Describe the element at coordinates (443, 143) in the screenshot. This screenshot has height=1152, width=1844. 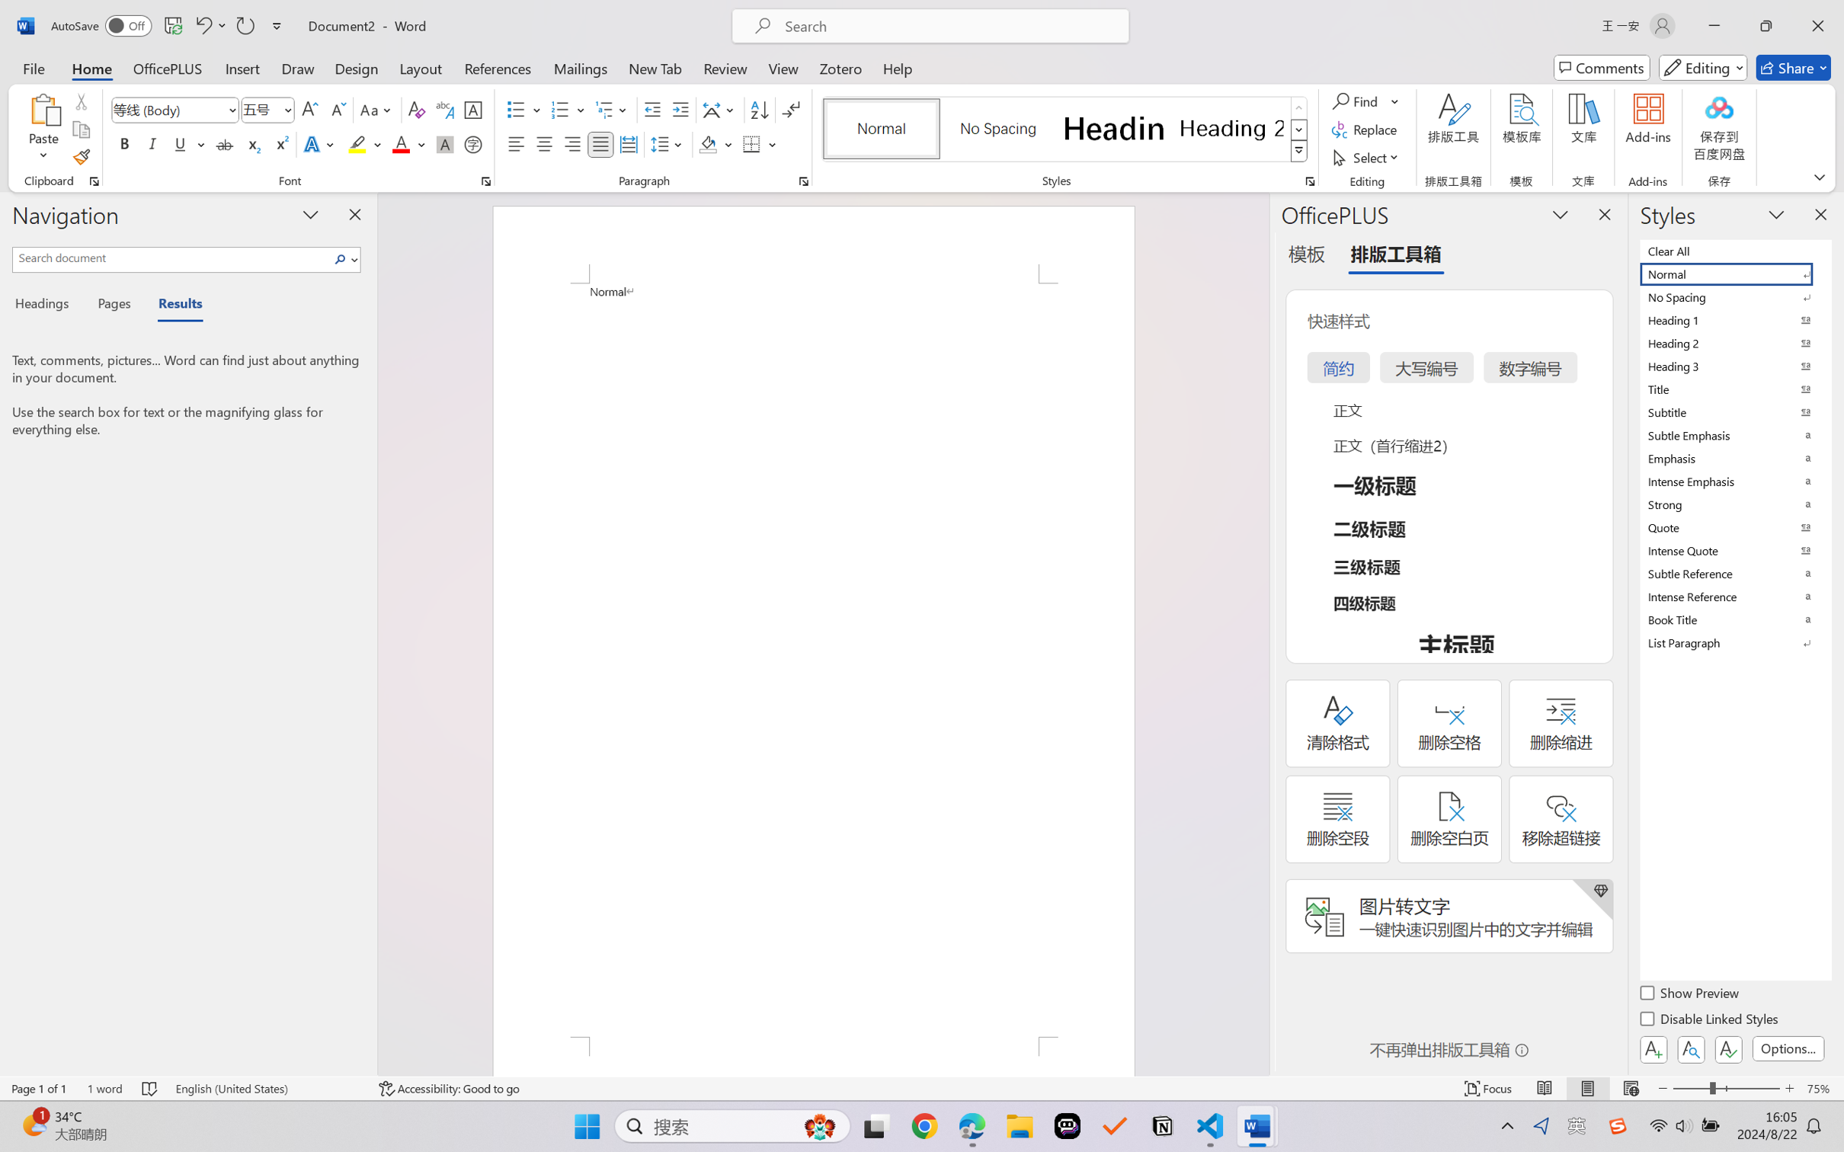
I see `'Character Shading'` at that location.